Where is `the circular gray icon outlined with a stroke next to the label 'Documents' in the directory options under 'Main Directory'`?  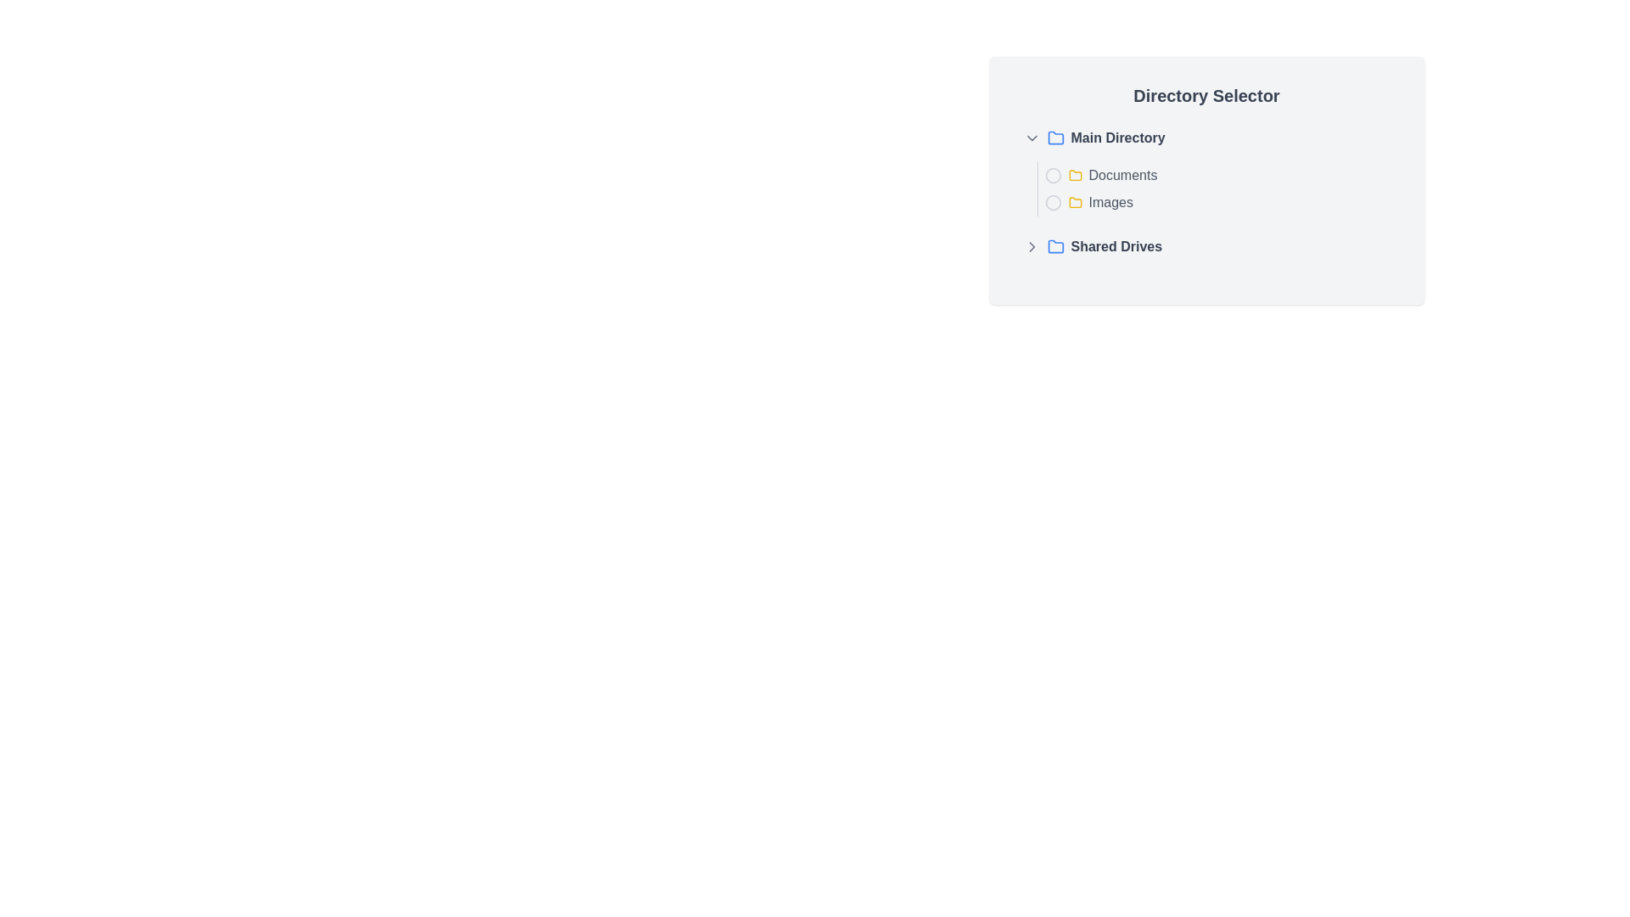
the circular gray icon outlined with a stroke next to the label 'Documents' in the directory options under 'Main Directory' is located at coordinates (1052, 176).